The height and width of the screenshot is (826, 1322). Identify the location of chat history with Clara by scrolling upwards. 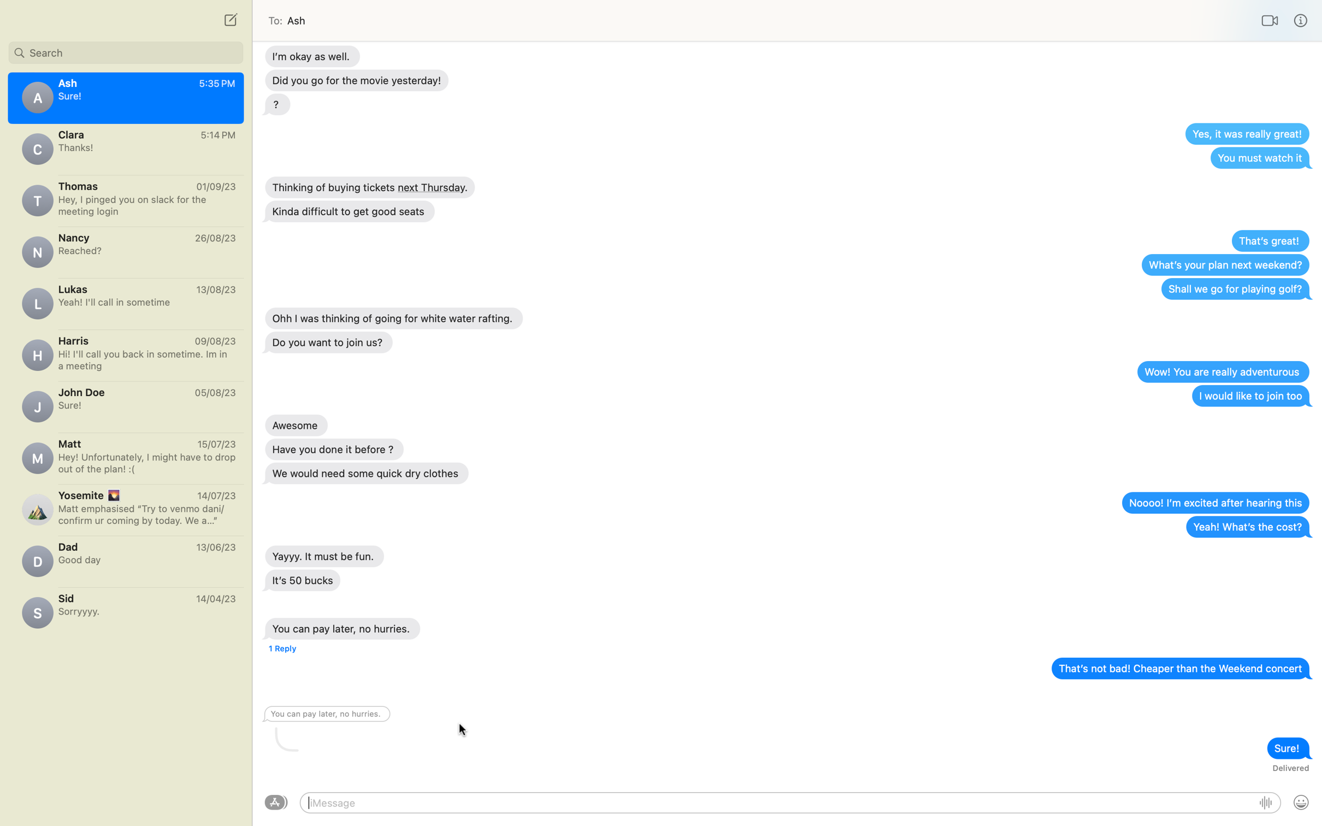
(125, 148).